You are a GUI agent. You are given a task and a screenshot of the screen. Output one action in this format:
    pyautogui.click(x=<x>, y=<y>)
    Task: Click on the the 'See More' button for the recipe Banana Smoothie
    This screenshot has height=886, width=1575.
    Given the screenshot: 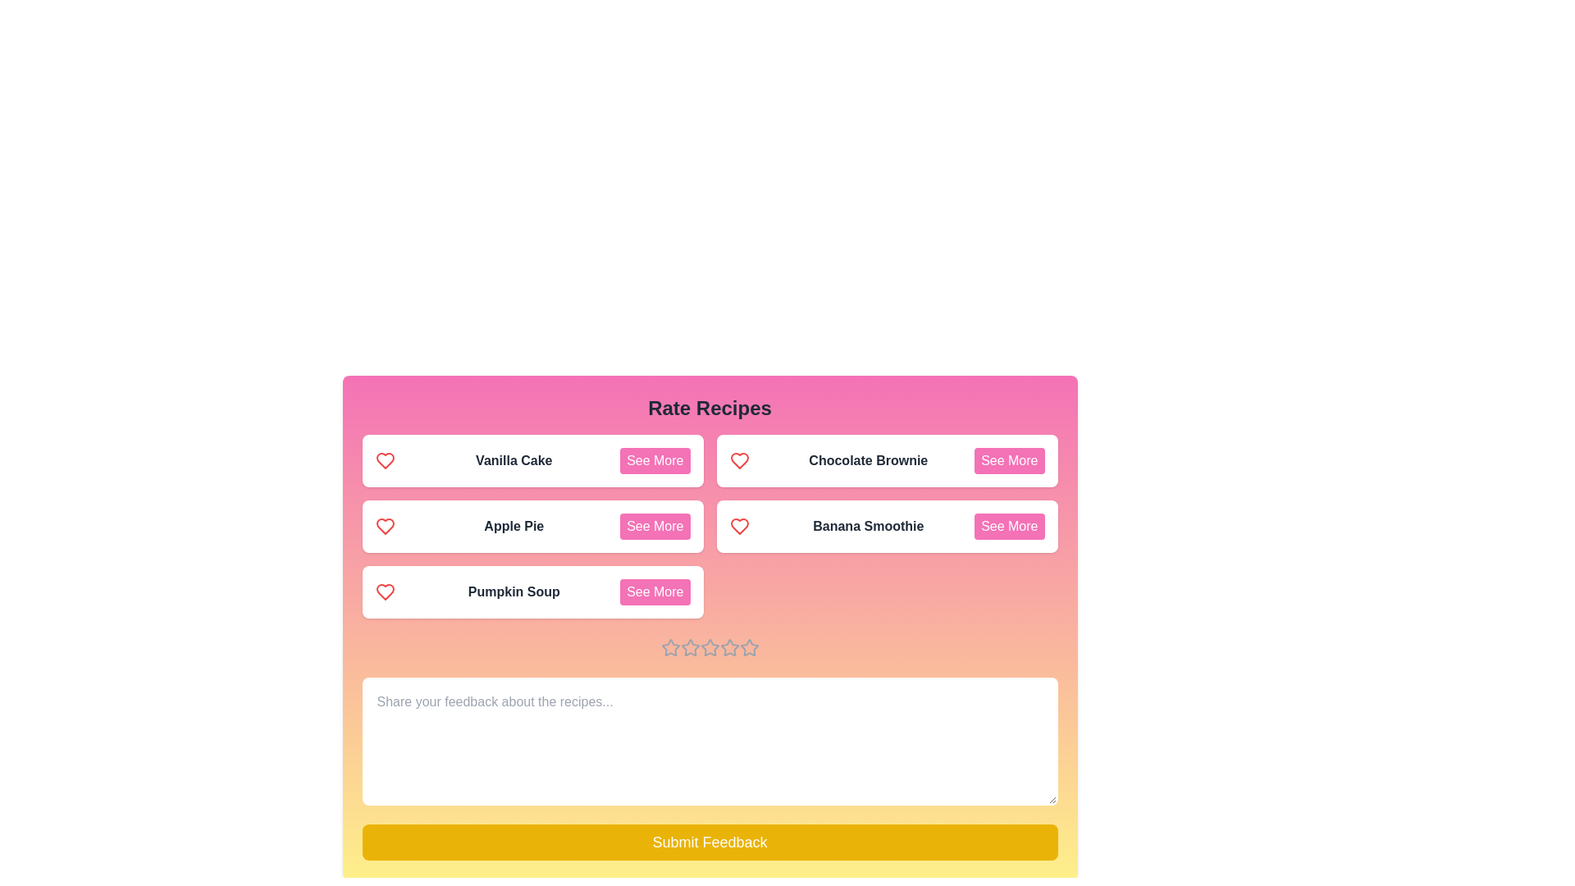 What is the action you would take?
    pyautogui.click(x=1008, y=526)
    